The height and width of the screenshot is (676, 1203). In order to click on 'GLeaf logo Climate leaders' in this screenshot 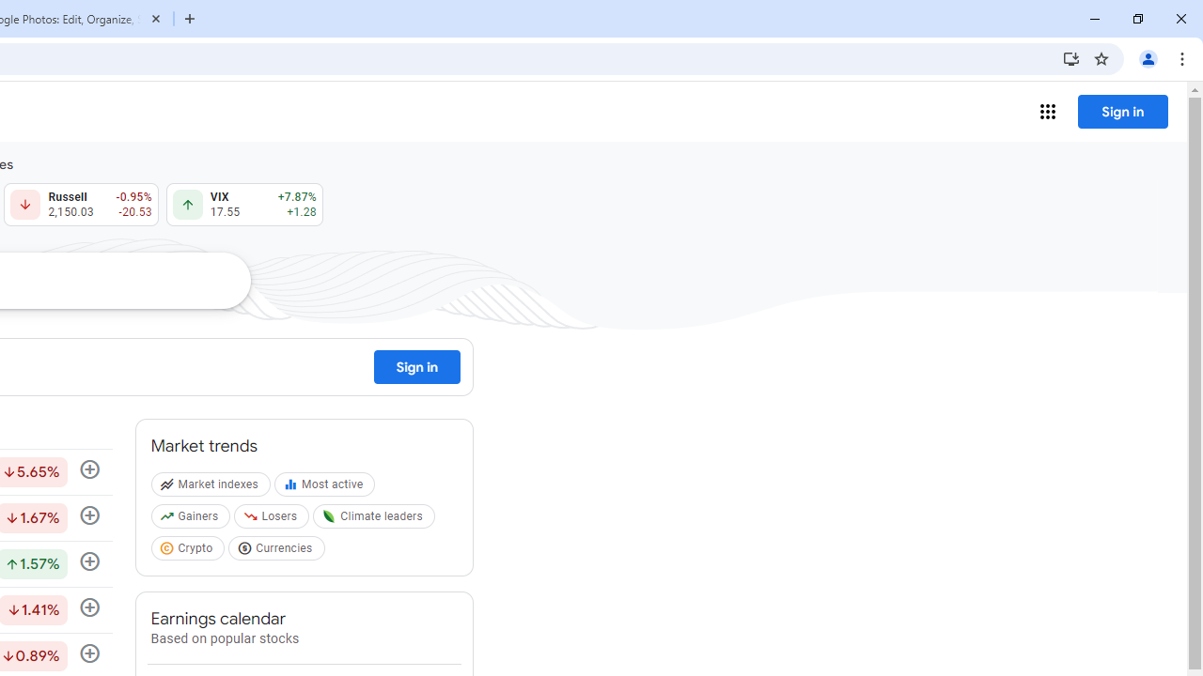, I will do `click(376, 520)`.